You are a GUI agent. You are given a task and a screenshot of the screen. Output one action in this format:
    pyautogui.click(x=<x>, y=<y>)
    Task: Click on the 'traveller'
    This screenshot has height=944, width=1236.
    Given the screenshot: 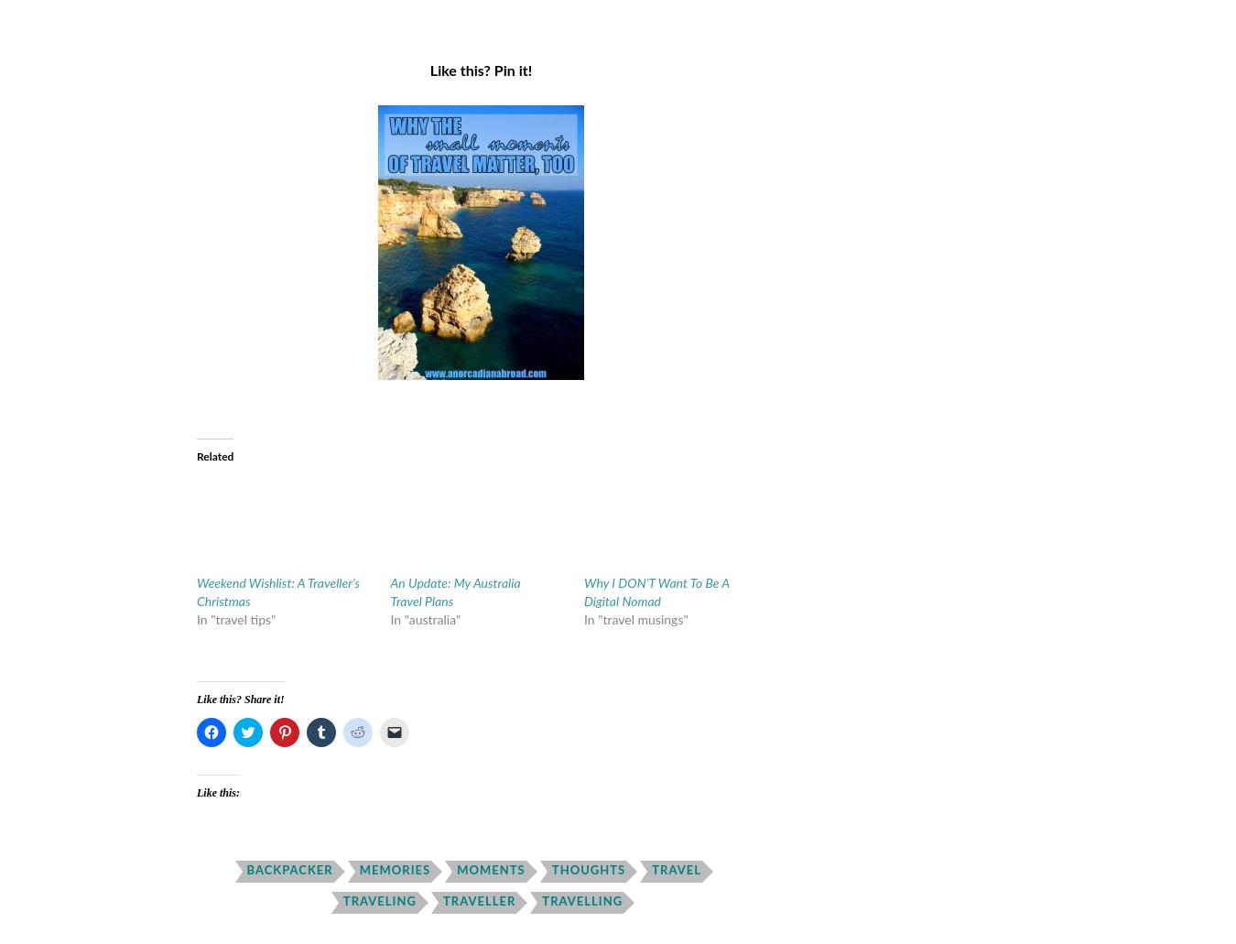 What is the action you would take?
    pyautogui.click(x=477, y=900)
    